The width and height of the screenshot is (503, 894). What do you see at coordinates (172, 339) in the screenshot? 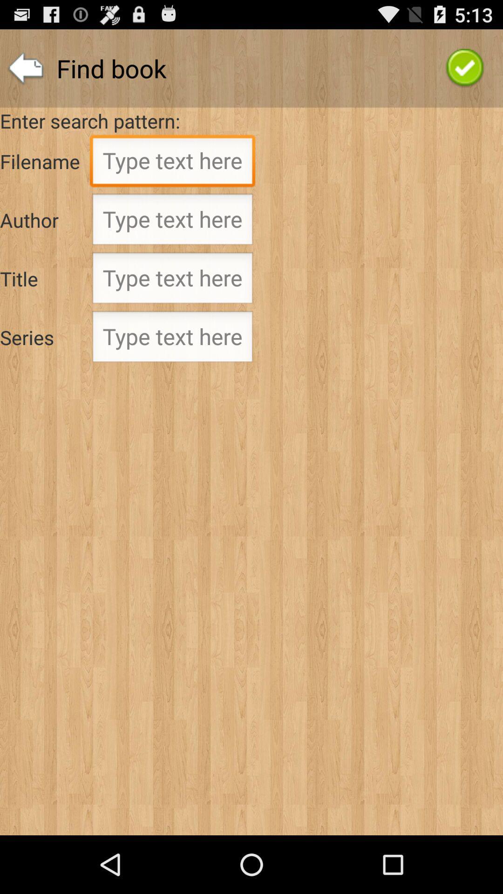
I see `book search by series` at bounding box center [172, 339].